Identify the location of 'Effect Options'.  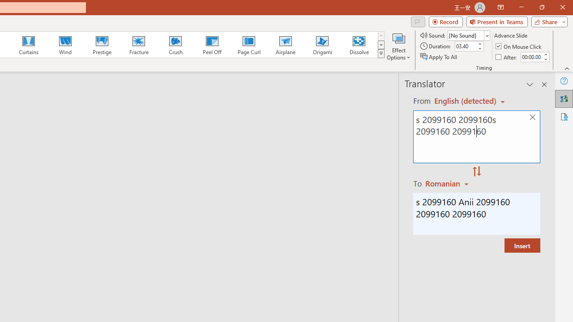
(398, 46).